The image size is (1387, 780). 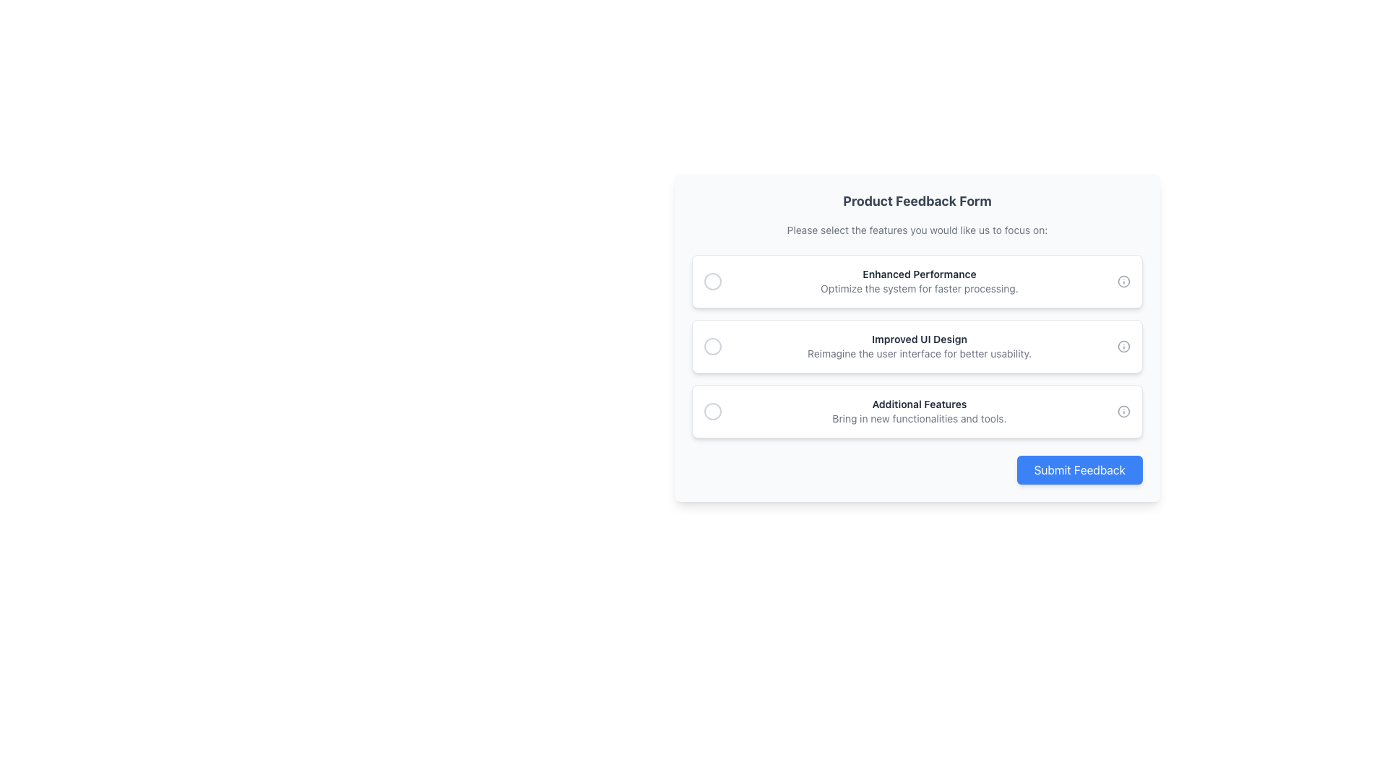 I want to click on the circular icon that provides additional information about the 'Improved UI Design' option, so click(x=1123, y=346).